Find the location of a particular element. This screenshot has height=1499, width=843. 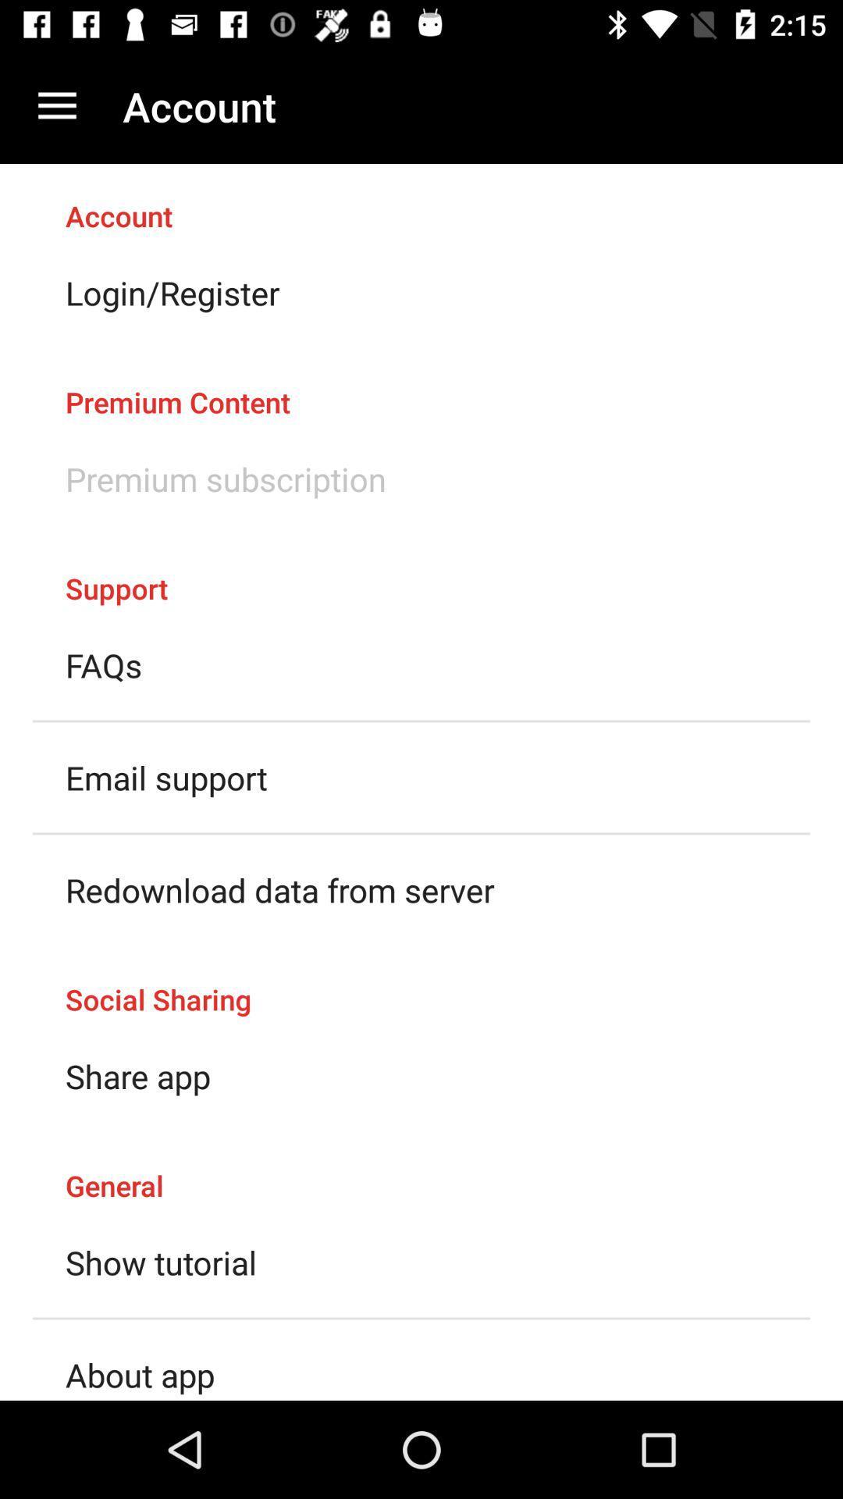

the premium content item is located at coordinates (421, 386).